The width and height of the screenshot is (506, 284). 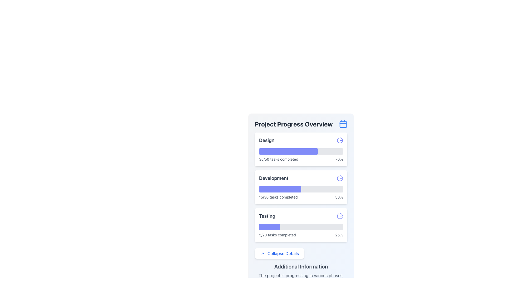 What do you see at coordinates (340, 178) in the screenshot?
I see `the decorative icon positioned to the right of the 'Development' text, which represents data visualization or progress in the 'Development' section` at bounding box center [340, 178].